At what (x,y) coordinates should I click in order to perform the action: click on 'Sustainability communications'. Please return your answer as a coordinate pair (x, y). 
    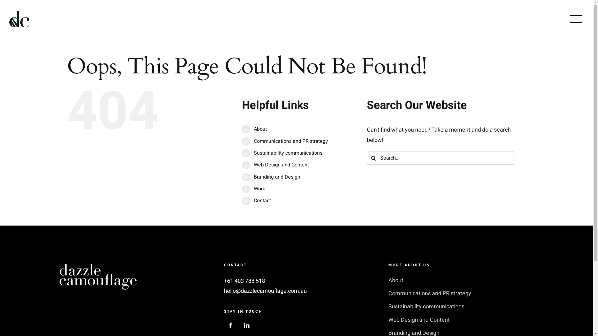
    Looking at the image, I should click on (288, 153).